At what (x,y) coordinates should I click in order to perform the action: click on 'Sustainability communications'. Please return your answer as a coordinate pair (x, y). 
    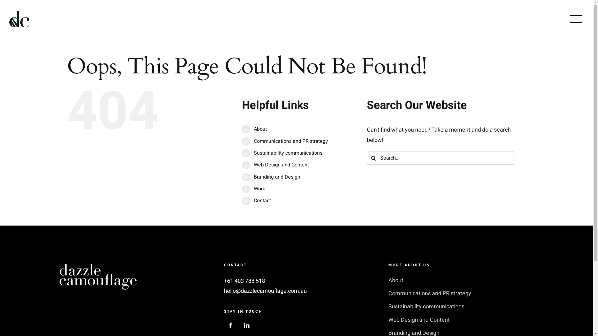
    Looking at the image, I should click on (288, 153).